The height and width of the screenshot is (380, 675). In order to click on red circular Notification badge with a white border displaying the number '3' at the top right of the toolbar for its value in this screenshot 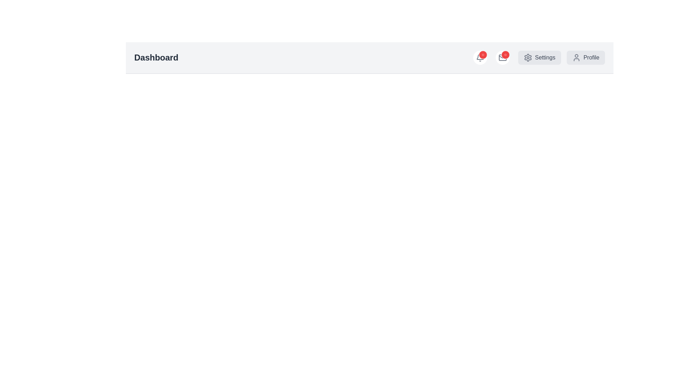, I will do `click(482, 54)`.